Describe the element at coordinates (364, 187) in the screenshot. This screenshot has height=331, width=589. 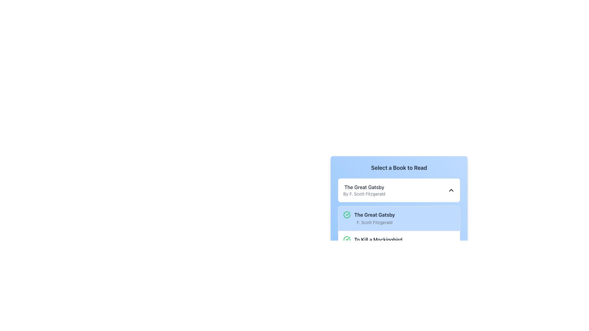
I see `the label displaying the title of the selected book, which is positioned above the text 'By F. Scott Fitzgerald' in the dropdown section under 'Select a Book to Read.'` at that location.